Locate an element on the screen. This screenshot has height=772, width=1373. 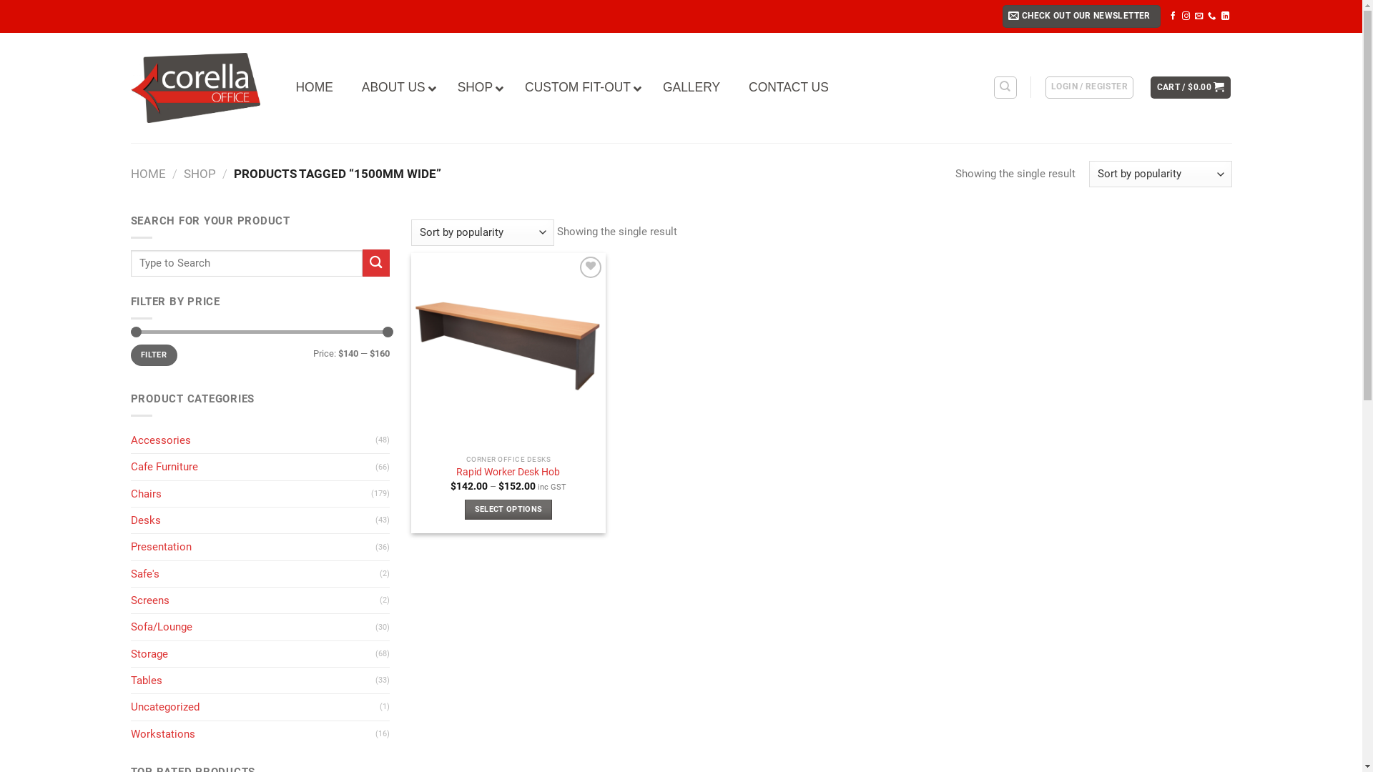
'Chairs' is located at coordinates (250, 493).